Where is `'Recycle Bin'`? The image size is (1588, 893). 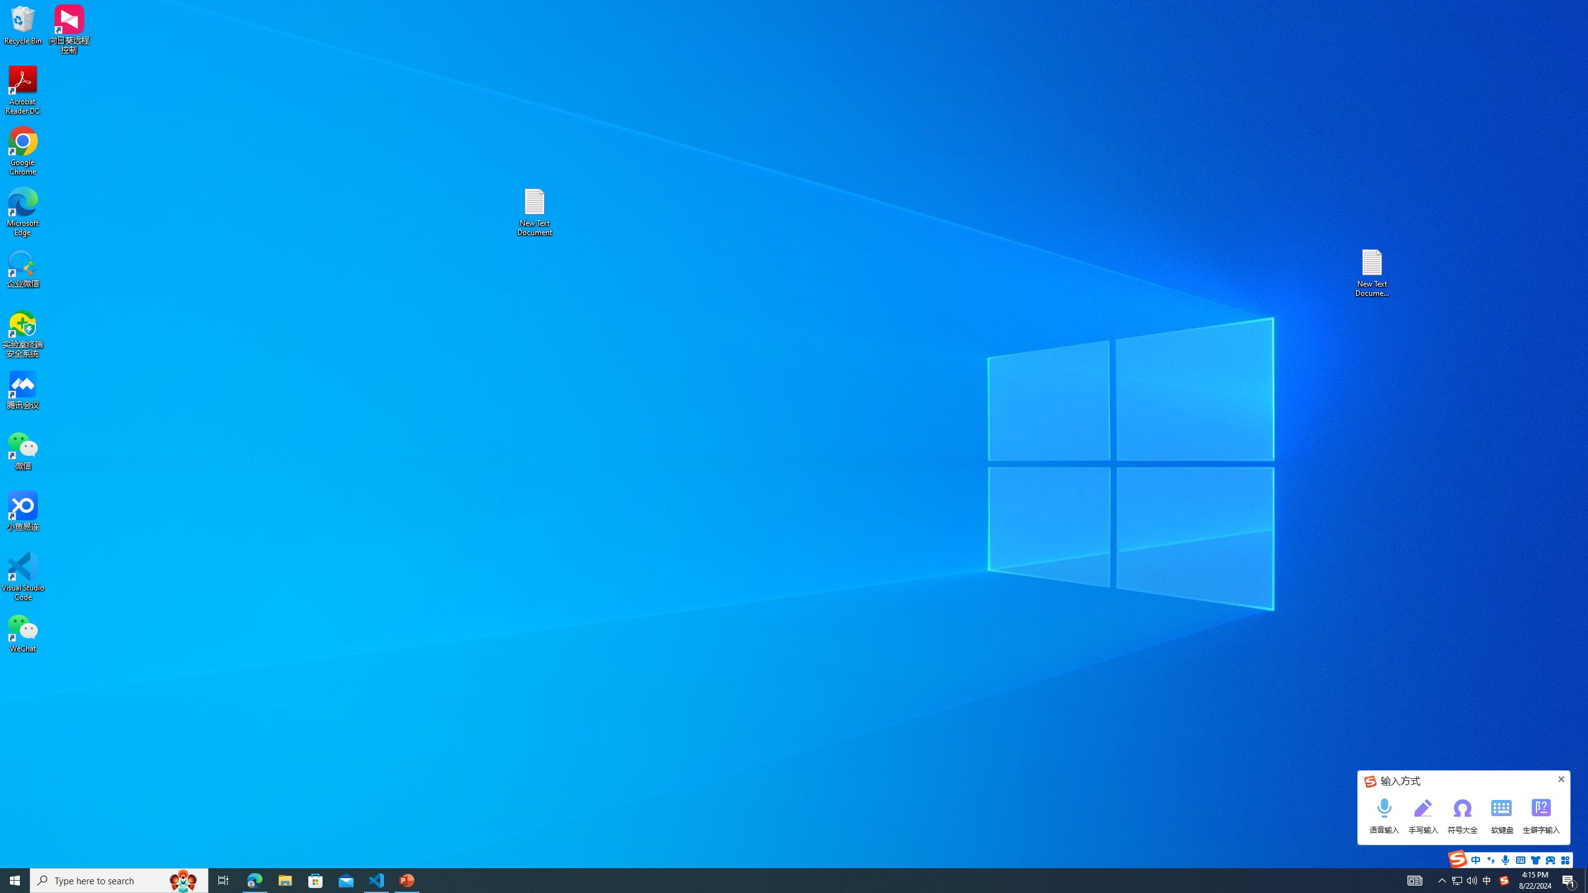
'Recycle Bin' is located at coordinates (22, 24).